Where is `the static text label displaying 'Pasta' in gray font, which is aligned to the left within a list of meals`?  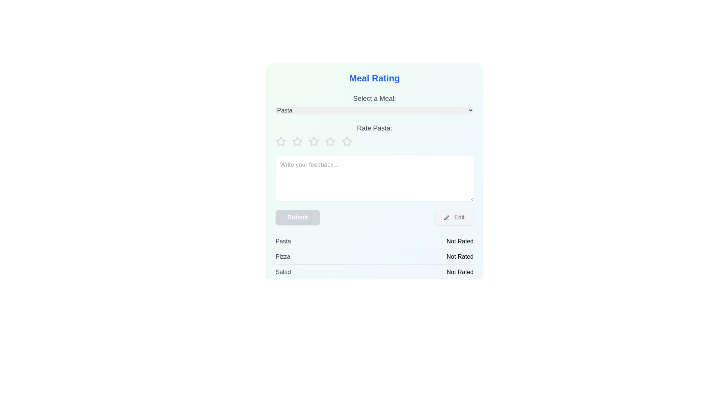
the static text label displaying 'Pasta' in gray font, which is aligned to the left within a list of meals is located at coordinates (283, 241).